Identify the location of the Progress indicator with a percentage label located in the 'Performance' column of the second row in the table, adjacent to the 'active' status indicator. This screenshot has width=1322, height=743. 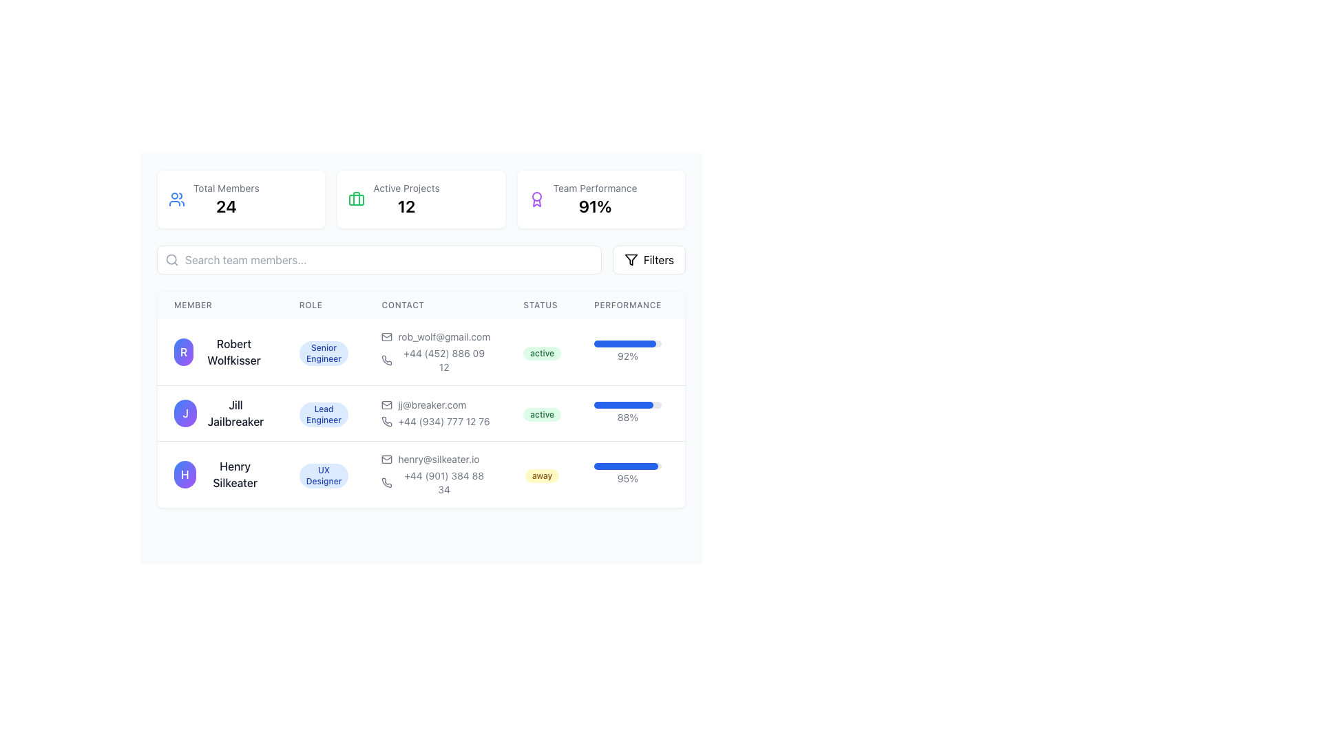
(627, 413).